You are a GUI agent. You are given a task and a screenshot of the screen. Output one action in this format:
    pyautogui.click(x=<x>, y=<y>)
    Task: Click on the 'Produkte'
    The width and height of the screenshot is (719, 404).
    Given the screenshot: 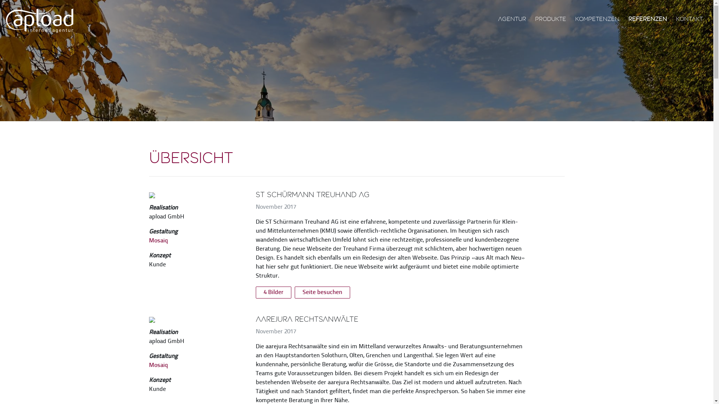 What is the action you would take?
    pyautogui.click(x=550, y=19)
    